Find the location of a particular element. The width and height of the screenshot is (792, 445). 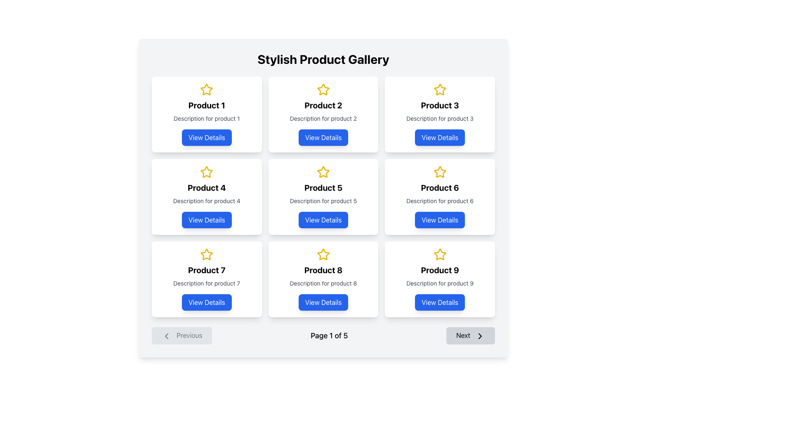

the button located in the product grid for 'Product 2' to observe the visual change is located at coordinates (323, 137).